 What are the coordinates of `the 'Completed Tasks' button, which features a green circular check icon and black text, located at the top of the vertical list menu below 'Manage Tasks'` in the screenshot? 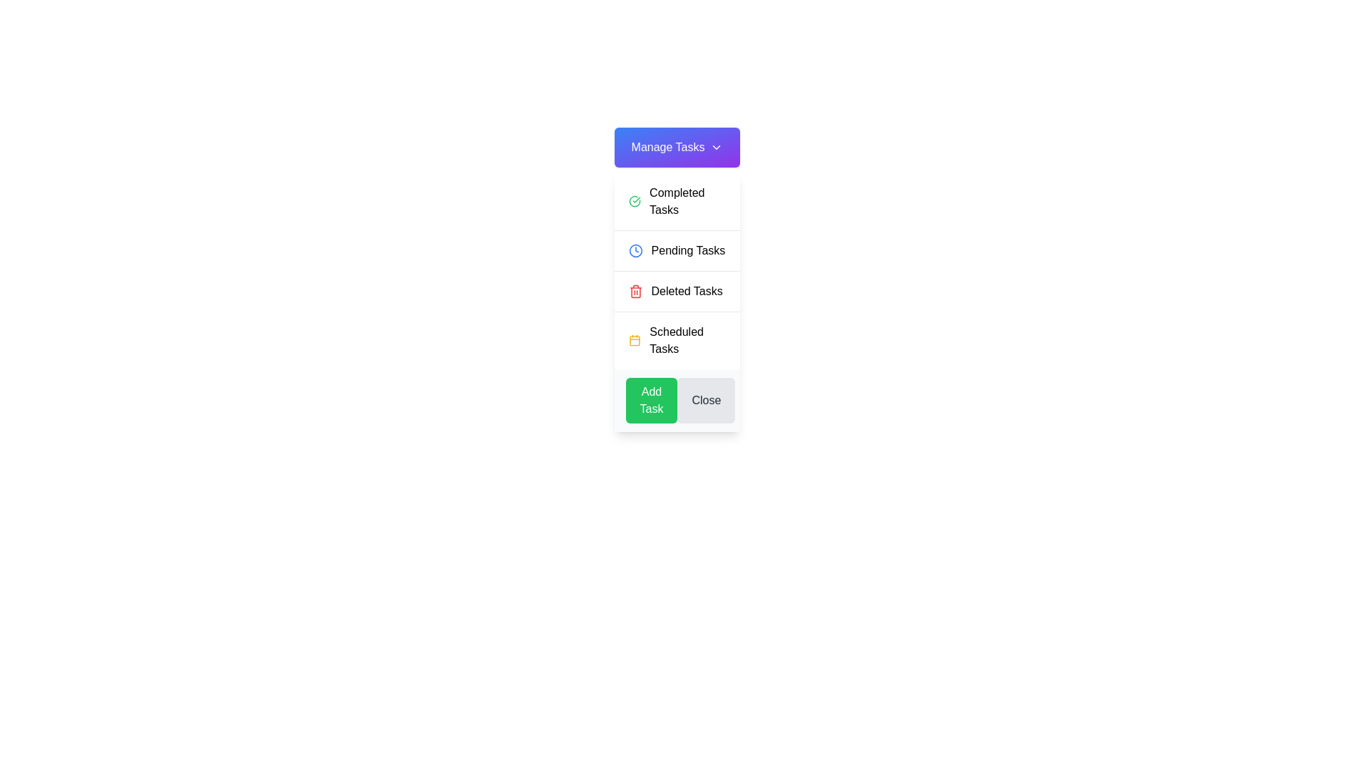 It's located at (677, 201).